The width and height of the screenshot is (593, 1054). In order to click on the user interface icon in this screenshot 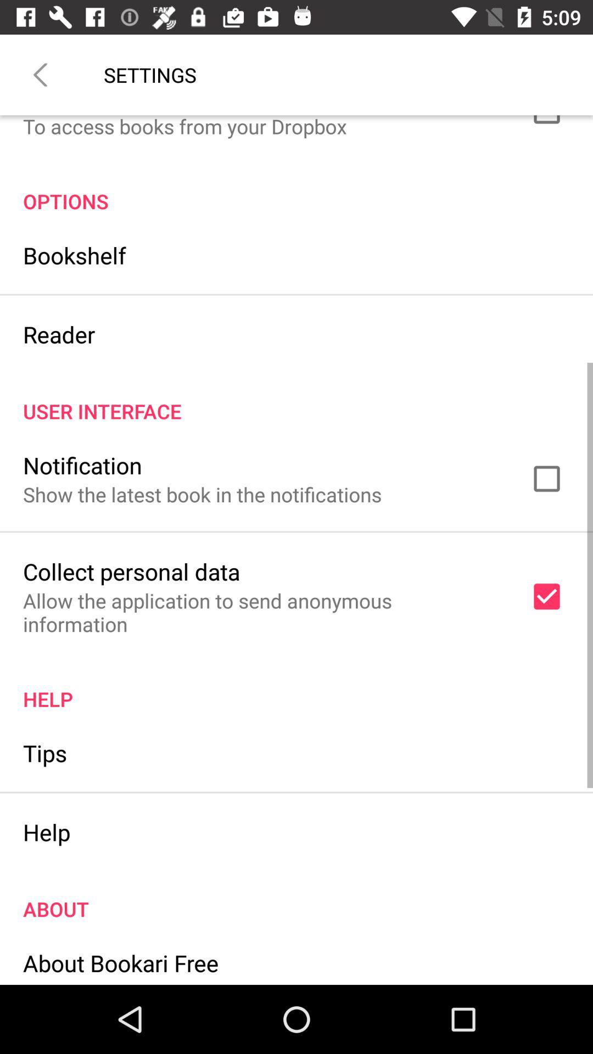, I will do `click(296, 399)`.